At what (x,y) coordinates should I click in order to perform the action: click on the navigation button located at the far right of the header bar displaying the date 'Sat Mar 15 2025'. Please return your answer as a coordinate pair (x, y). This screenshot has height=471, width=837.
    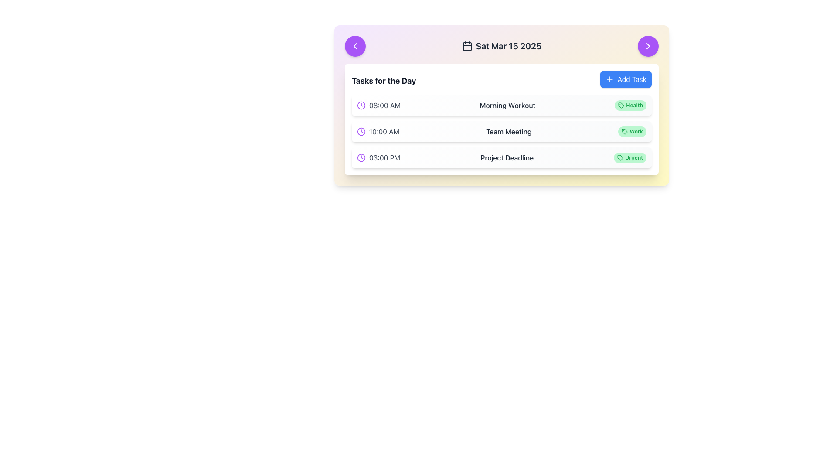
    Looking at the image, I should click on (648, 46).